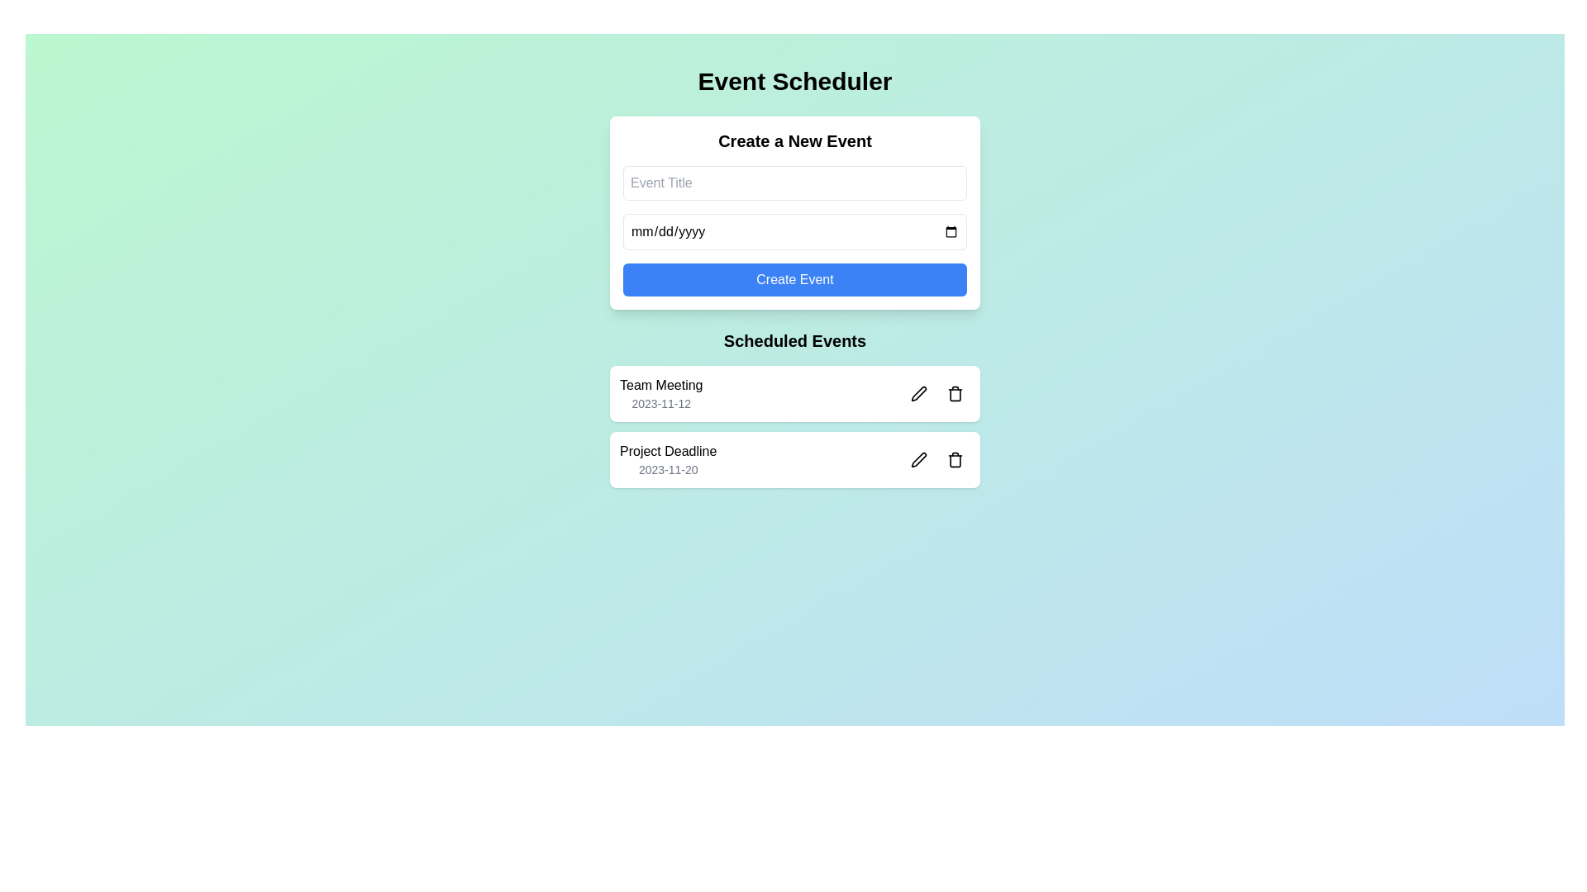  What do you see at coordinates (668, 470) in the screenshot?
I see `the text label displaying the project deadline date, which is located under the 'Scheduled Events' header and complements the 'Project Deadline' label` at bounding box center [668, 470].